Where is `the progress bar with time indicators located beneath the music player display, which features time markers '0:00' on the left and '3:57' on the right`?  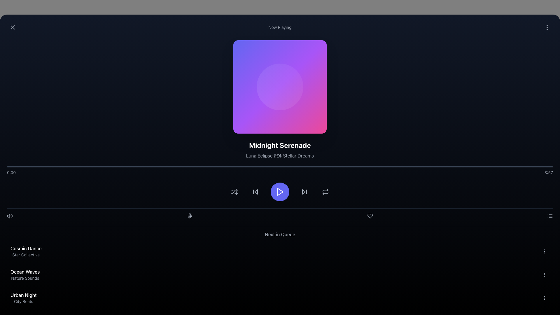
the progress bar with time indicators located beneath the music player display, which features time markers '0:00' on the left and '3:57' on the right is located at coordinates (280, 171).